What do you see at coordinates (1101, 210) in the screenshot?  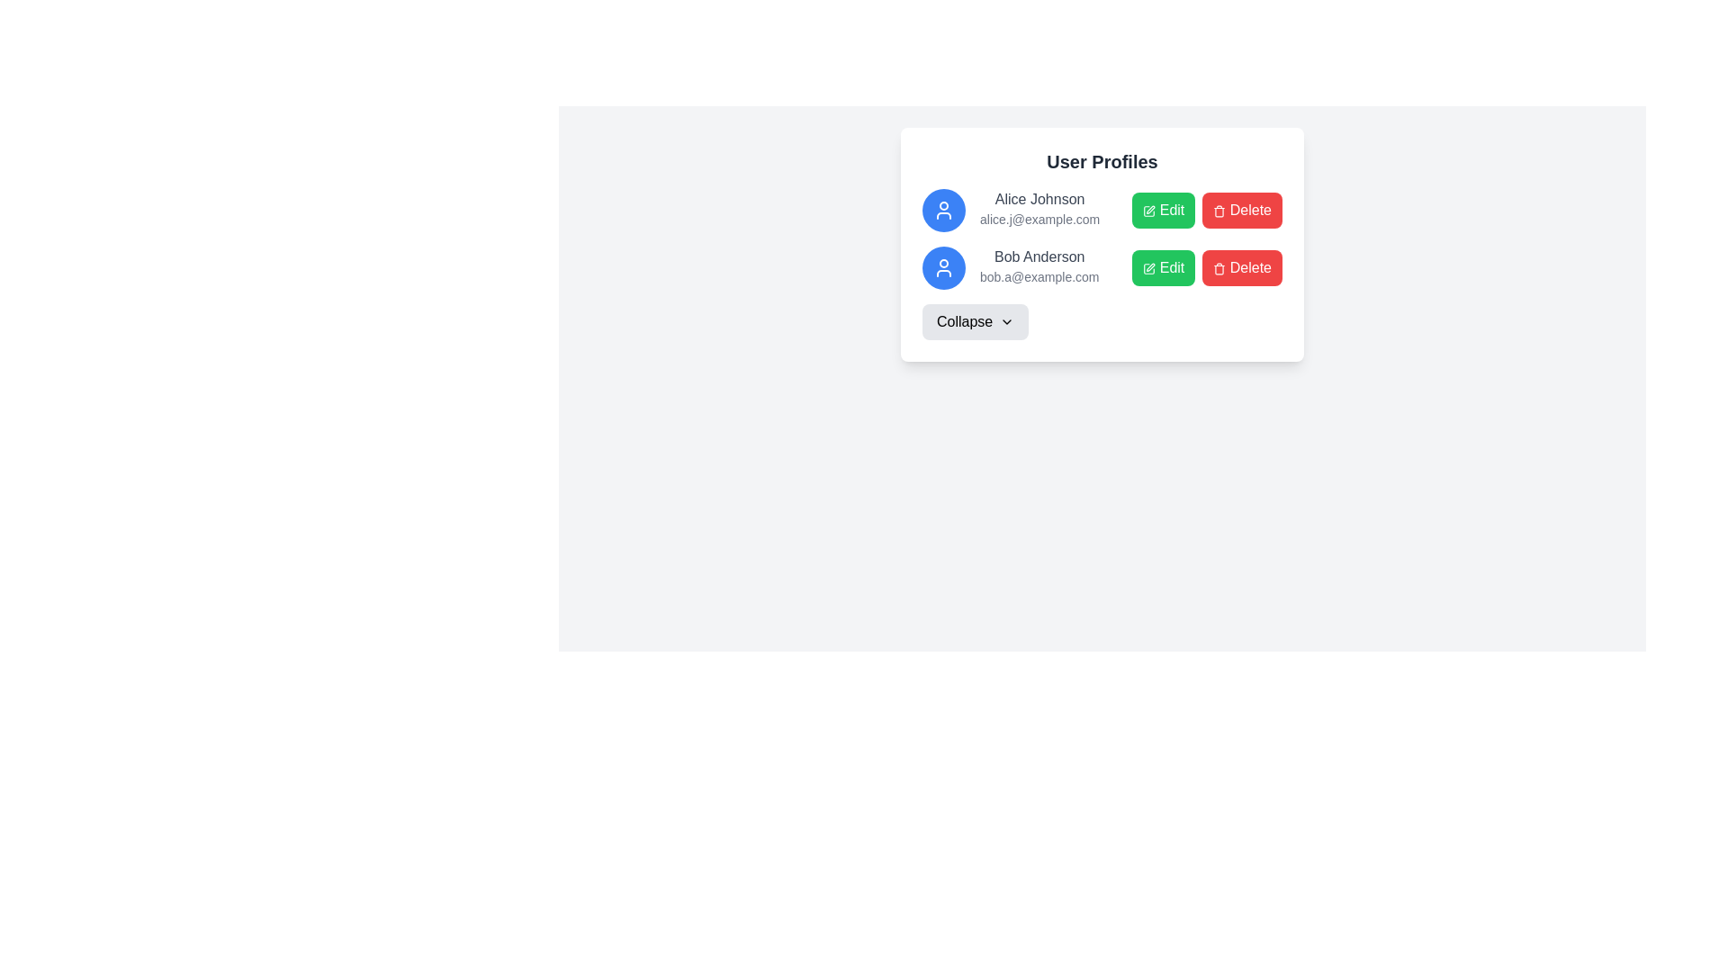 I see `the user profile entry displaying the user's name and email at the top position in the 'User Profiles' section` at bounding box center [1101, 210].